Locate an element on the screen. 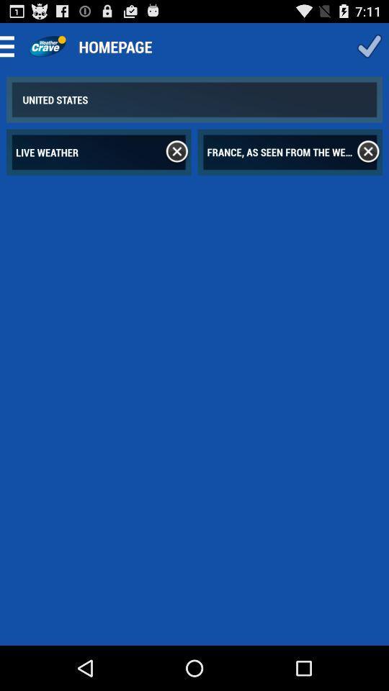 The width and height of the screenshot is (389, 691). changes is located at coordinates (369, 46).